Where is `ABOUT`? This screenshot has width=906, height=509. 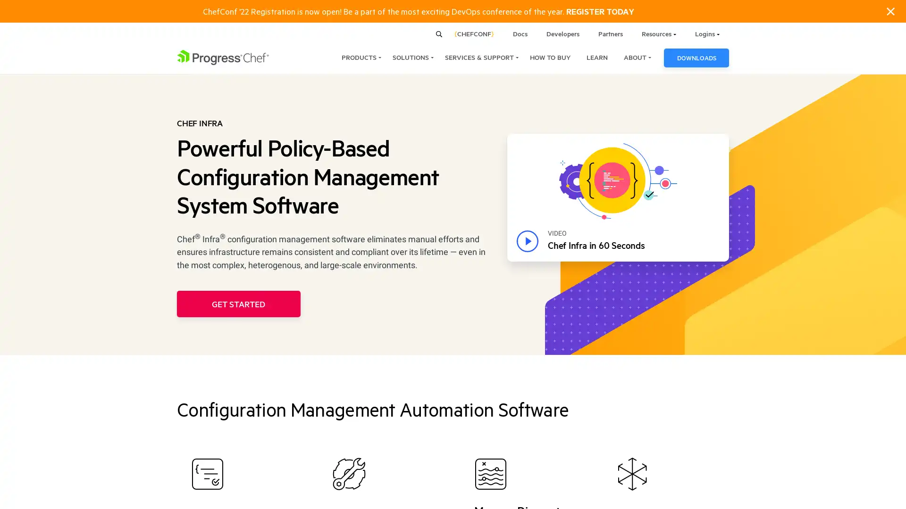
ABOUT is located at coordinates (635, 57).